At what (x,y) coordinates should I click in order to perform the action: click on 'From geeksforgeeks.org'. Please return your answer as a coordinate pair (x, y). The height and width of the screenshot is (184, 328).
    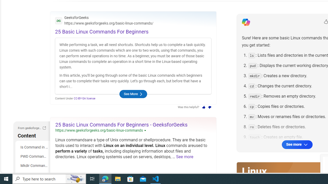
    Looking at the image, I should click on (44, 128).